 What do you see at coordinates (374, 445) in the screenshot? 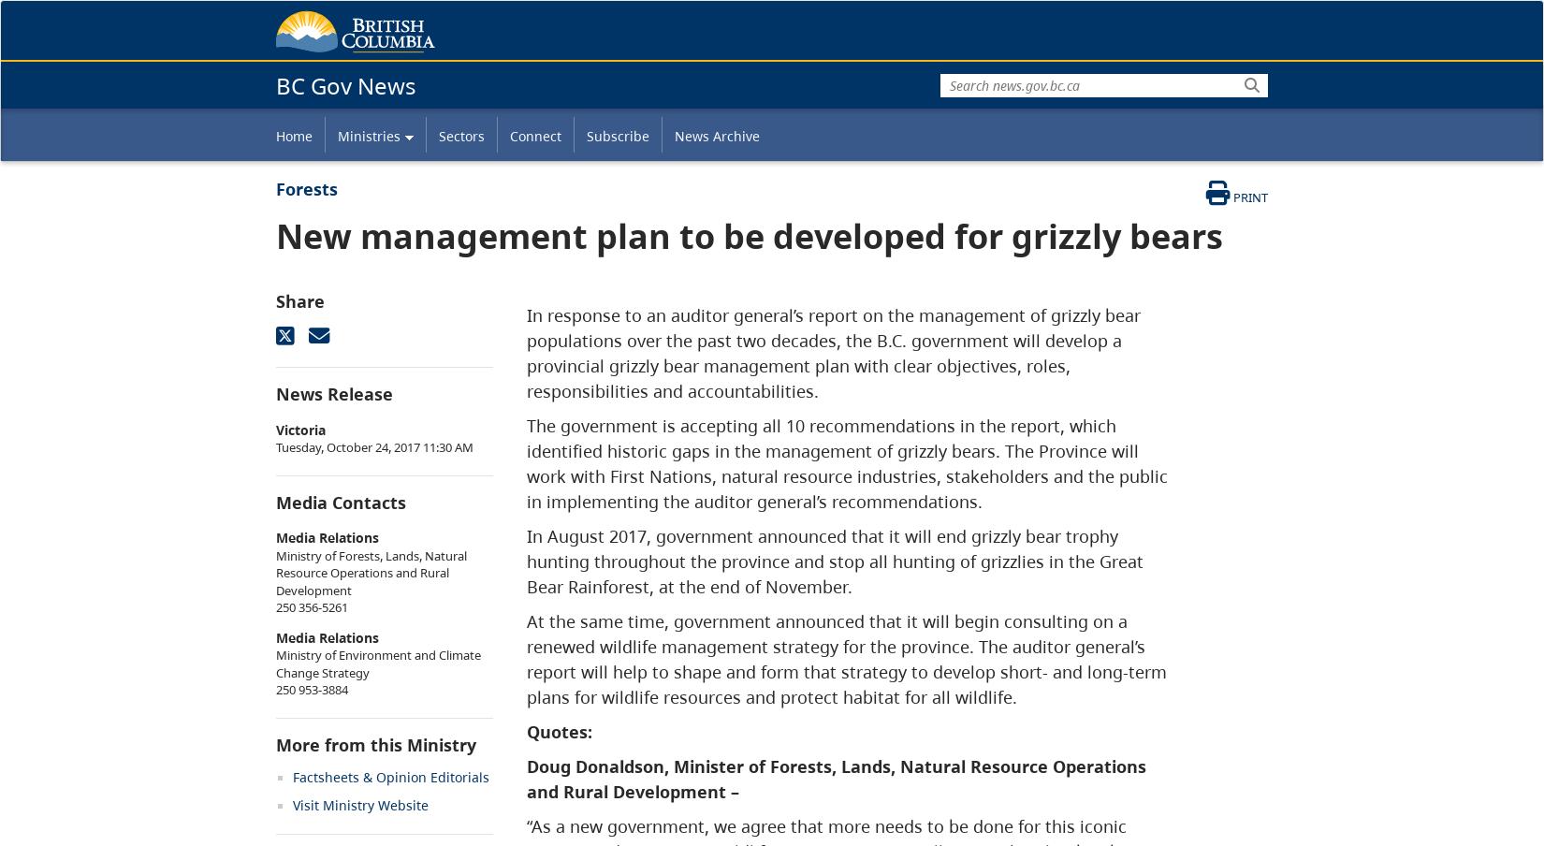
I see `'Tuesday, October 24, 2017 11:30 AM'` at bounding box center [374, 445].